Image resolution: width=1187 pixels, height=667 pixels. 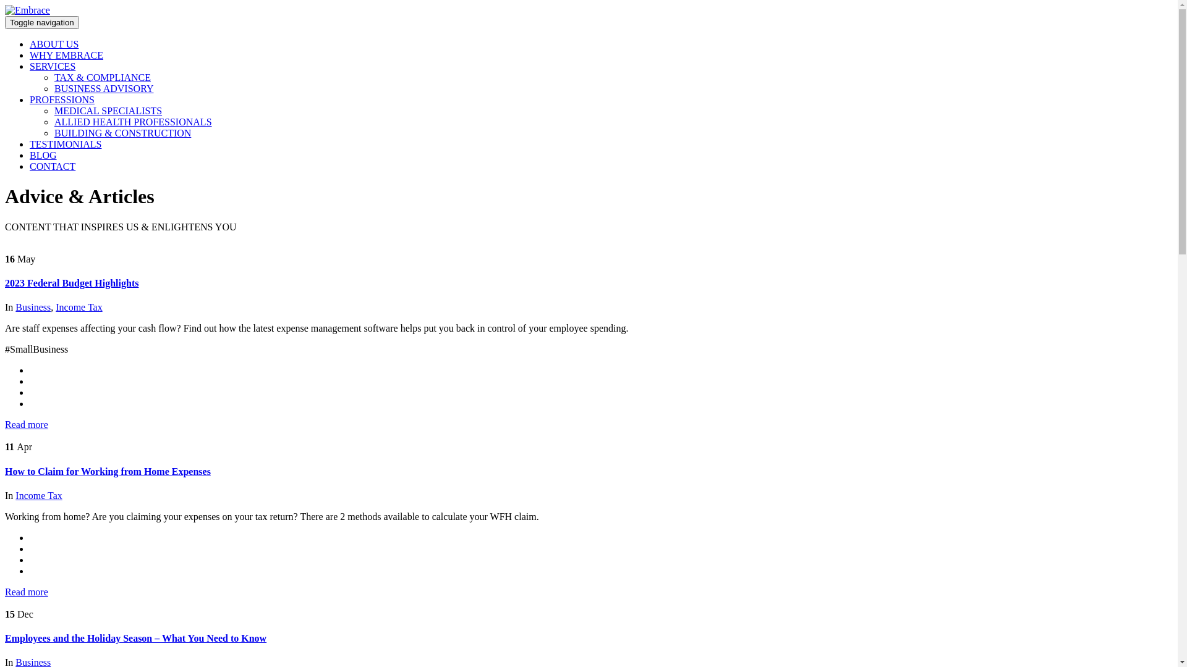 What do you see at coordinates (33, 306) in the screenshot?
I see `'Business'` at bounding box center [33, 306].